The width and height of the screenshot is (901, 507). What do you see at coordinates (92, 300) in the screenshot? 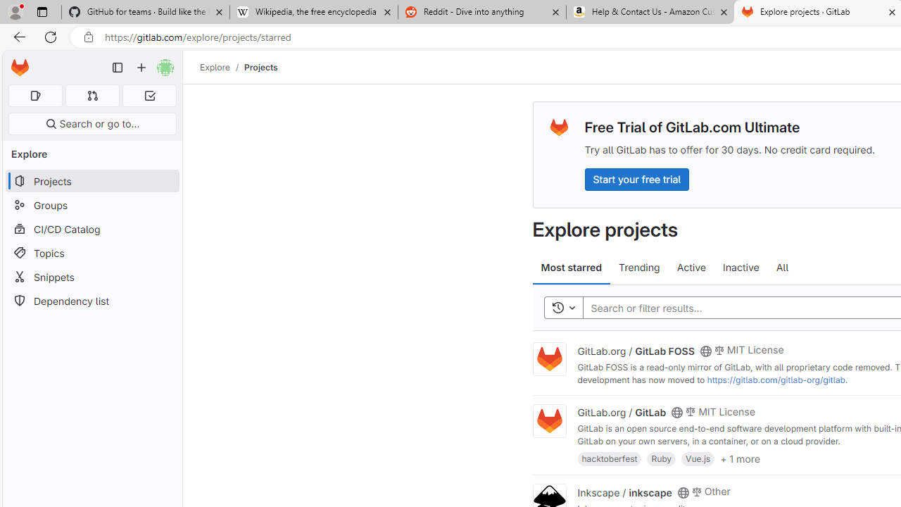
I see `'Dependency list'` at bounding box center [92, 300].